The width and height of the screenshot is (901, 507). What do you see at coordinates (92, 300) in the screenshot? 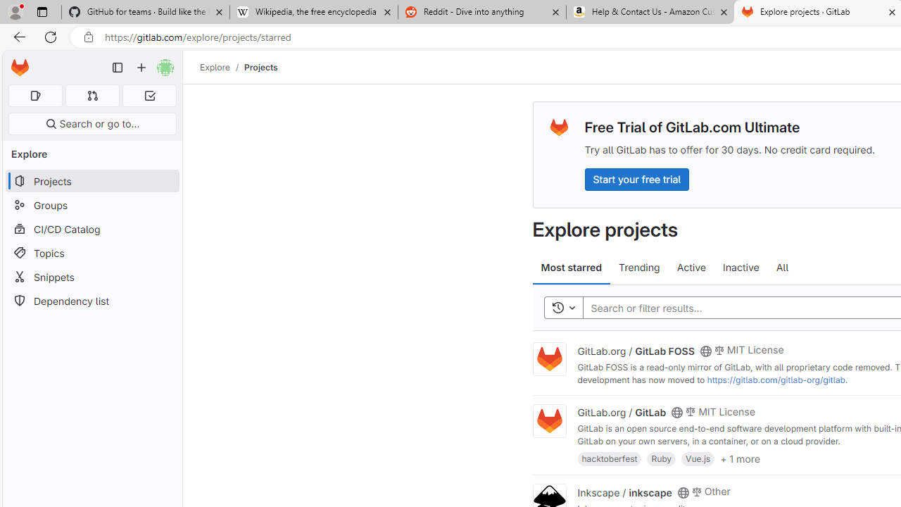
I see `'Dependency list'` at bounding box center [92, 300].